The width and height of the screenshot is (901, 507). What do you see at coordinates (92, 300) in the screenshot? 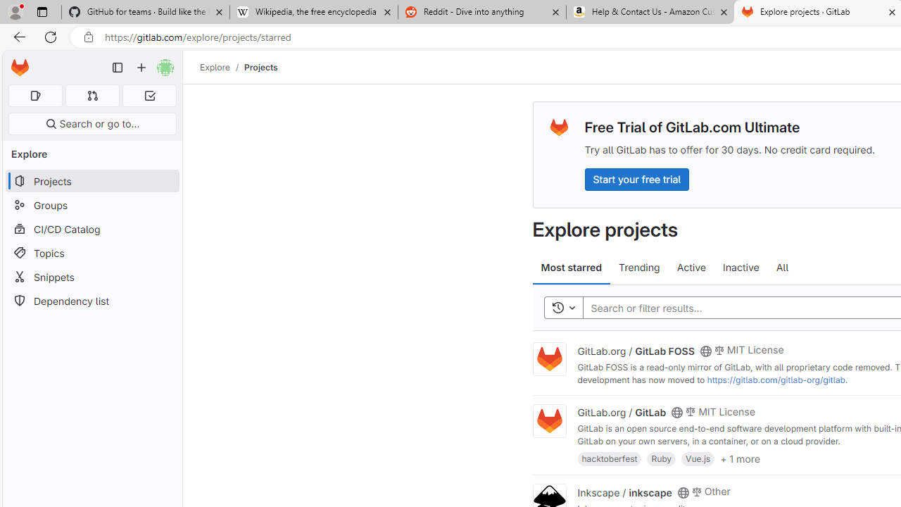
I see `'Dependency list'` at bounding box center [92, 300].